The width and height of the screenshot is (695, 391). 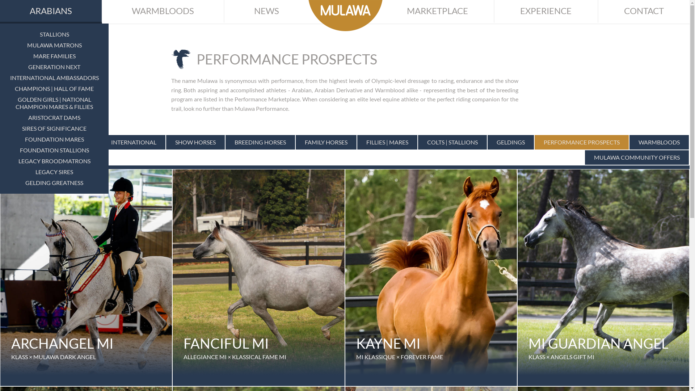 I want to click on 'LEGACY SIRES', so click(x=54, y=172).